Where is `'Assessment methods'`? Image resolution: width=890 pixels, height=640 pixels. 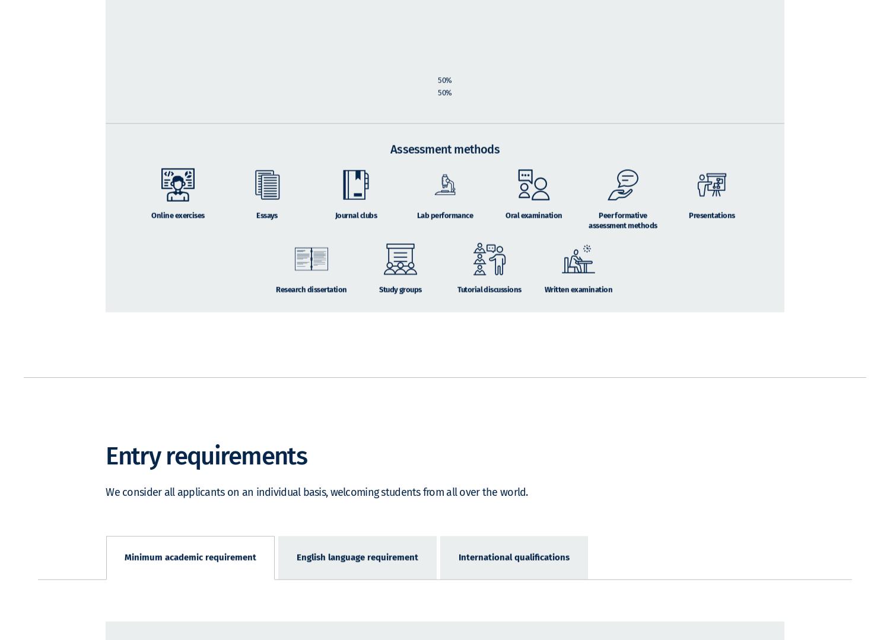 'Assessment methods' is located at coordinates (444, 166).